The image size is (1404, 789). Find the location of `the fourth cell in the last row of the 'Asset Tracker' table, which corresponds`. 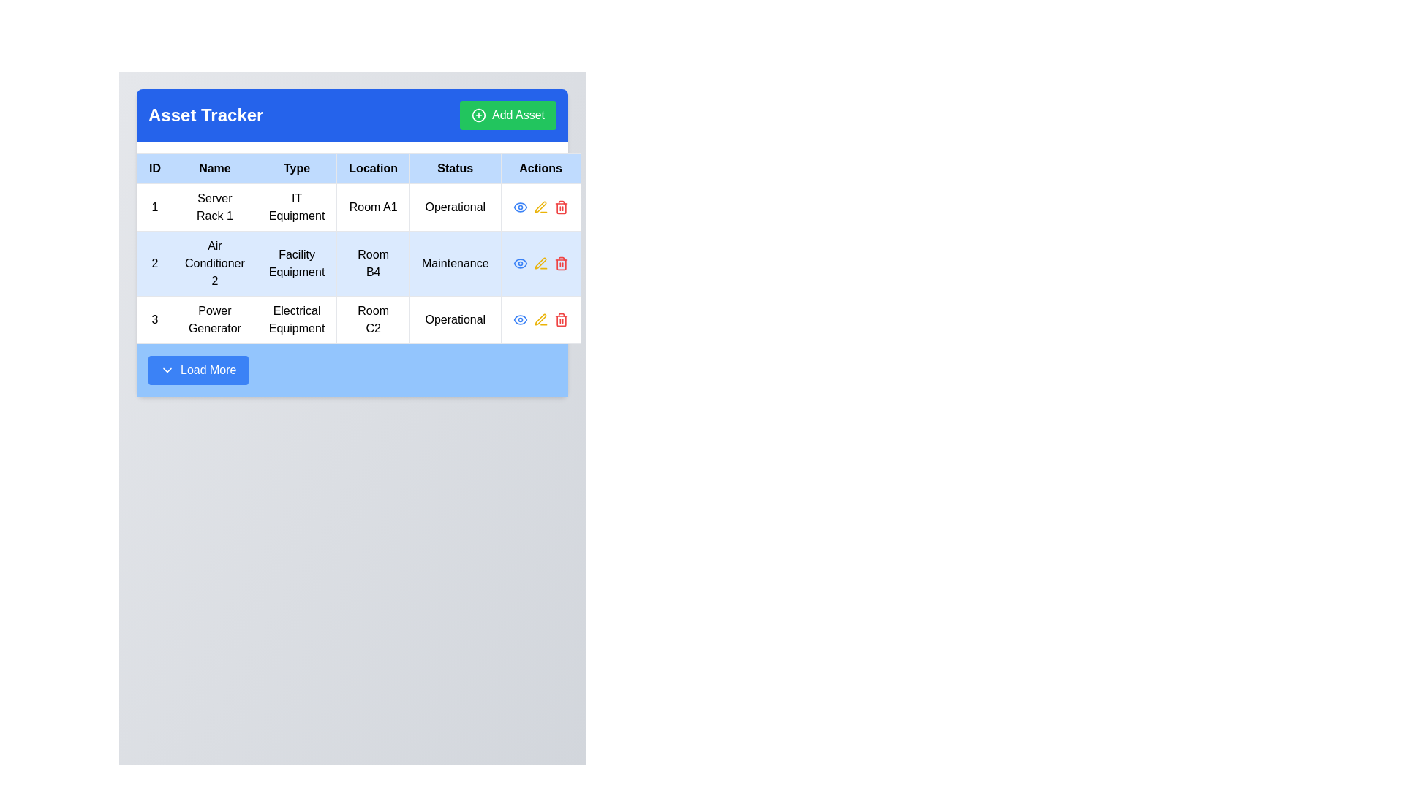

the fourth cell in the last row of the 'Asset Tracker' table, which corresponds is located at coordinates (373, 319).